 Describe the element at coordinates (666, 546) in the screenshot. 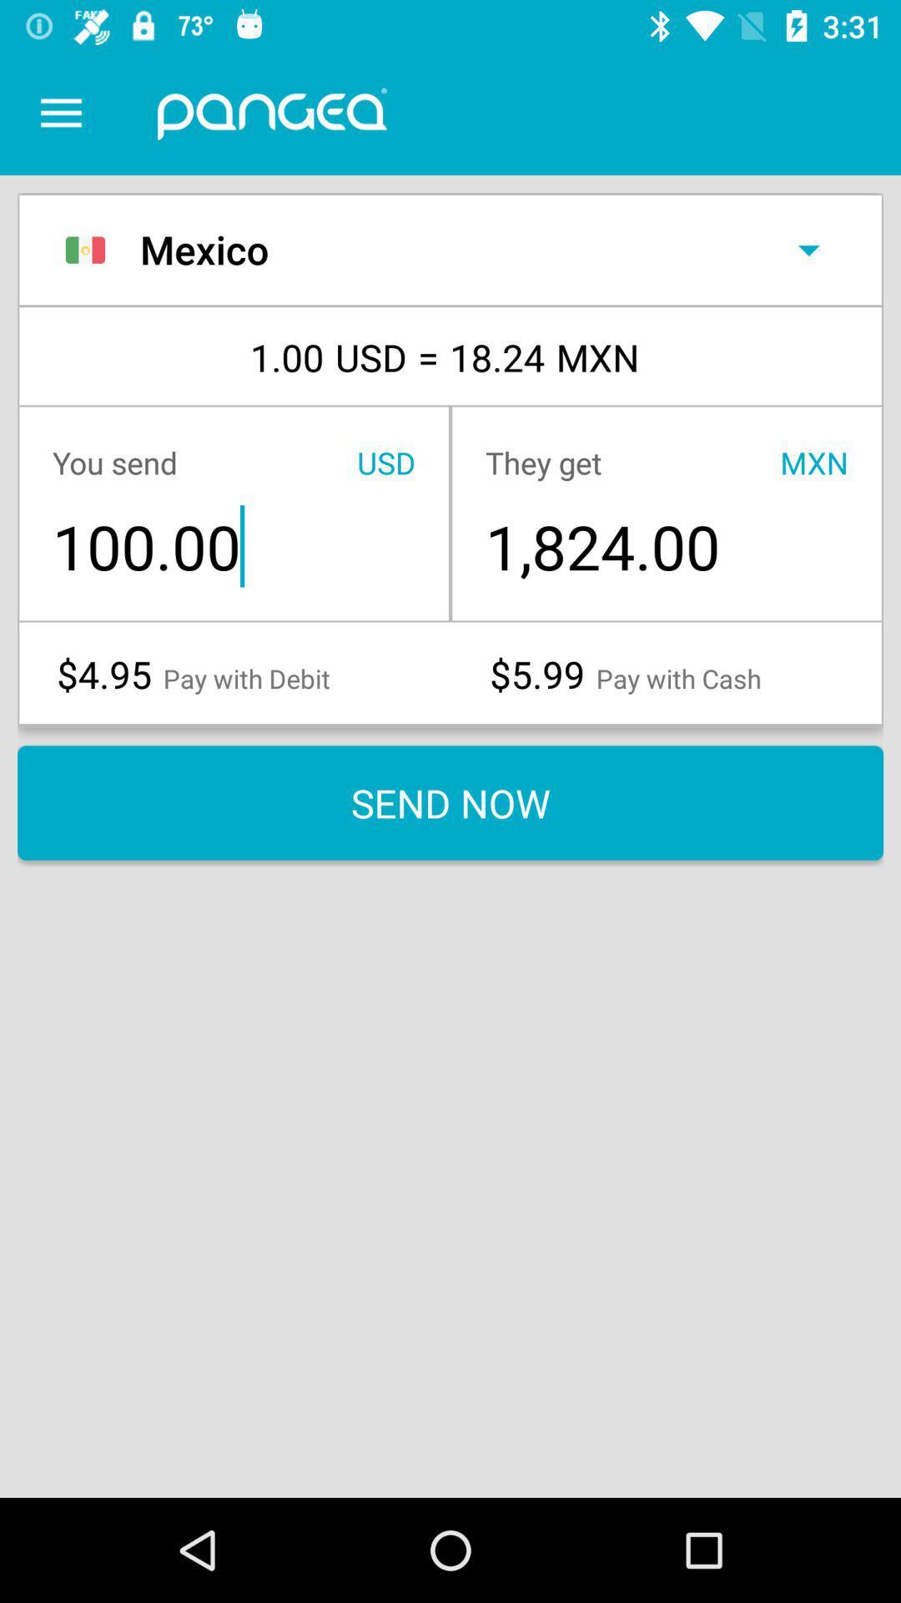

I see `item to the right of the 100.00` at that location.